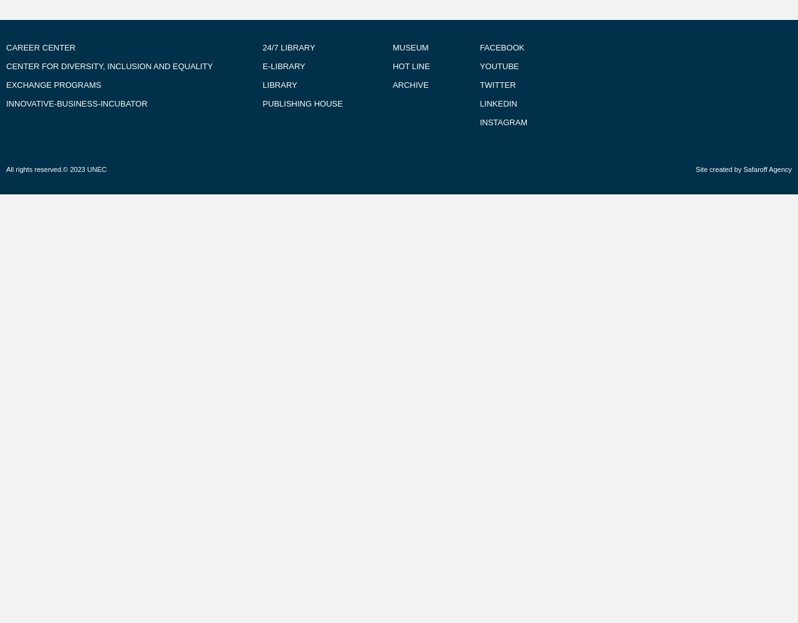 This screenshot has width=798, height=623. What do you see at coordinates (410, 65) in the screenshot?
I see `'HOT LINE'` at bounding box center [410, 65].